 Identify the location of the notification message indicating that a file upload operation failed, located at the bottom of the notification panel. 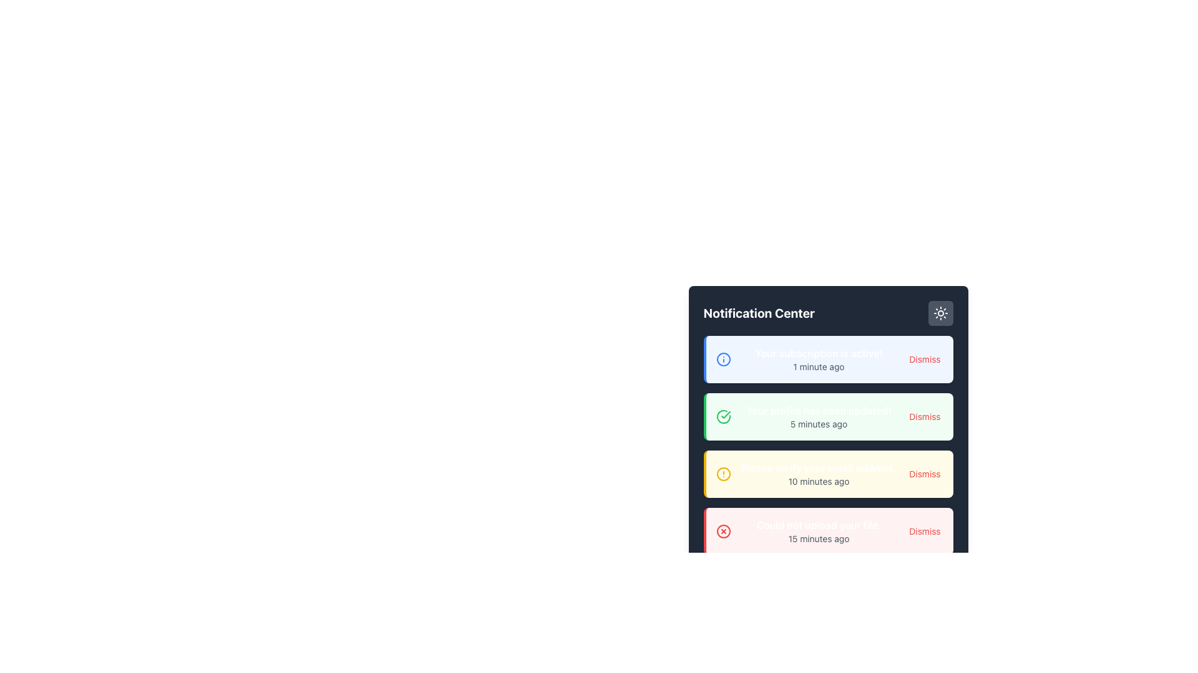
(819, 525).